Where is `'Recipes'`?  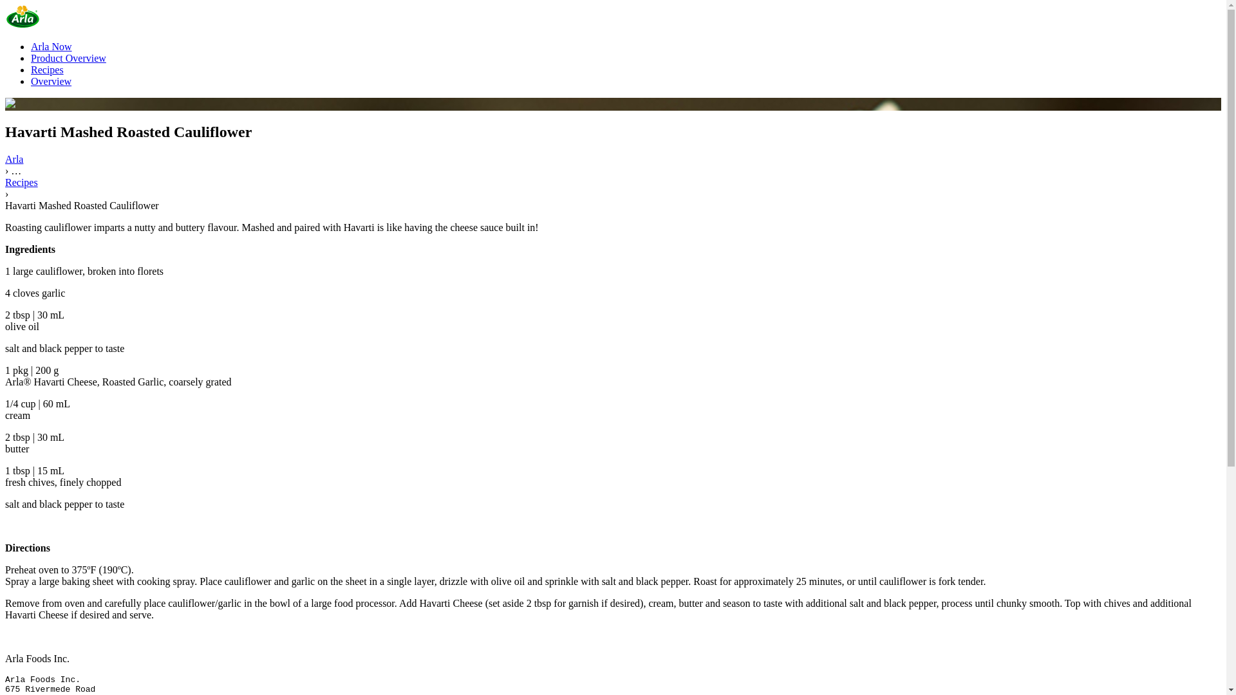
'Recipes' is located at coordinates (47, 69).